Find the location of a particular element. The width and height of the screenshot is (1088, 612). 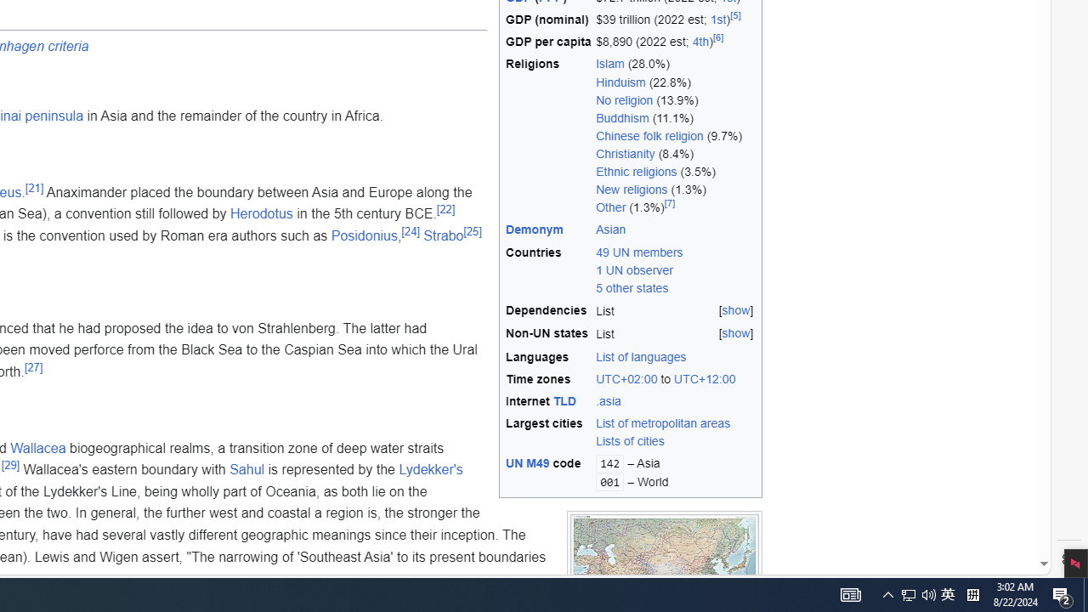

'1st' is located at coordinates (717, 20).